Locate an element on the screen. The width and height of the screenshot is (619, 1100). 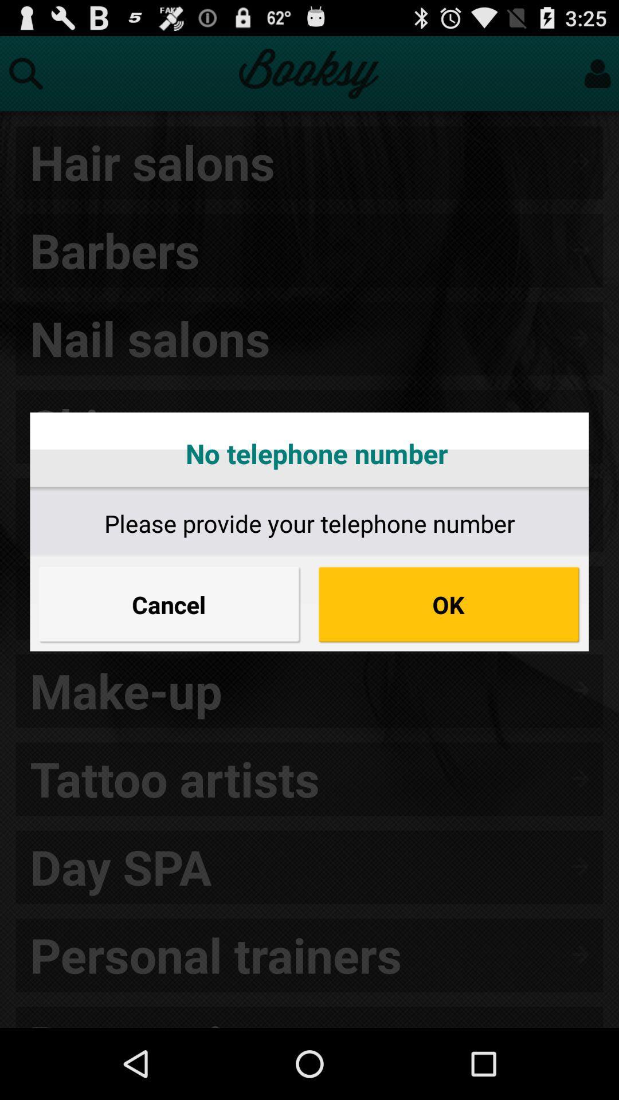
button on the right is located at coordinates (448, 604).